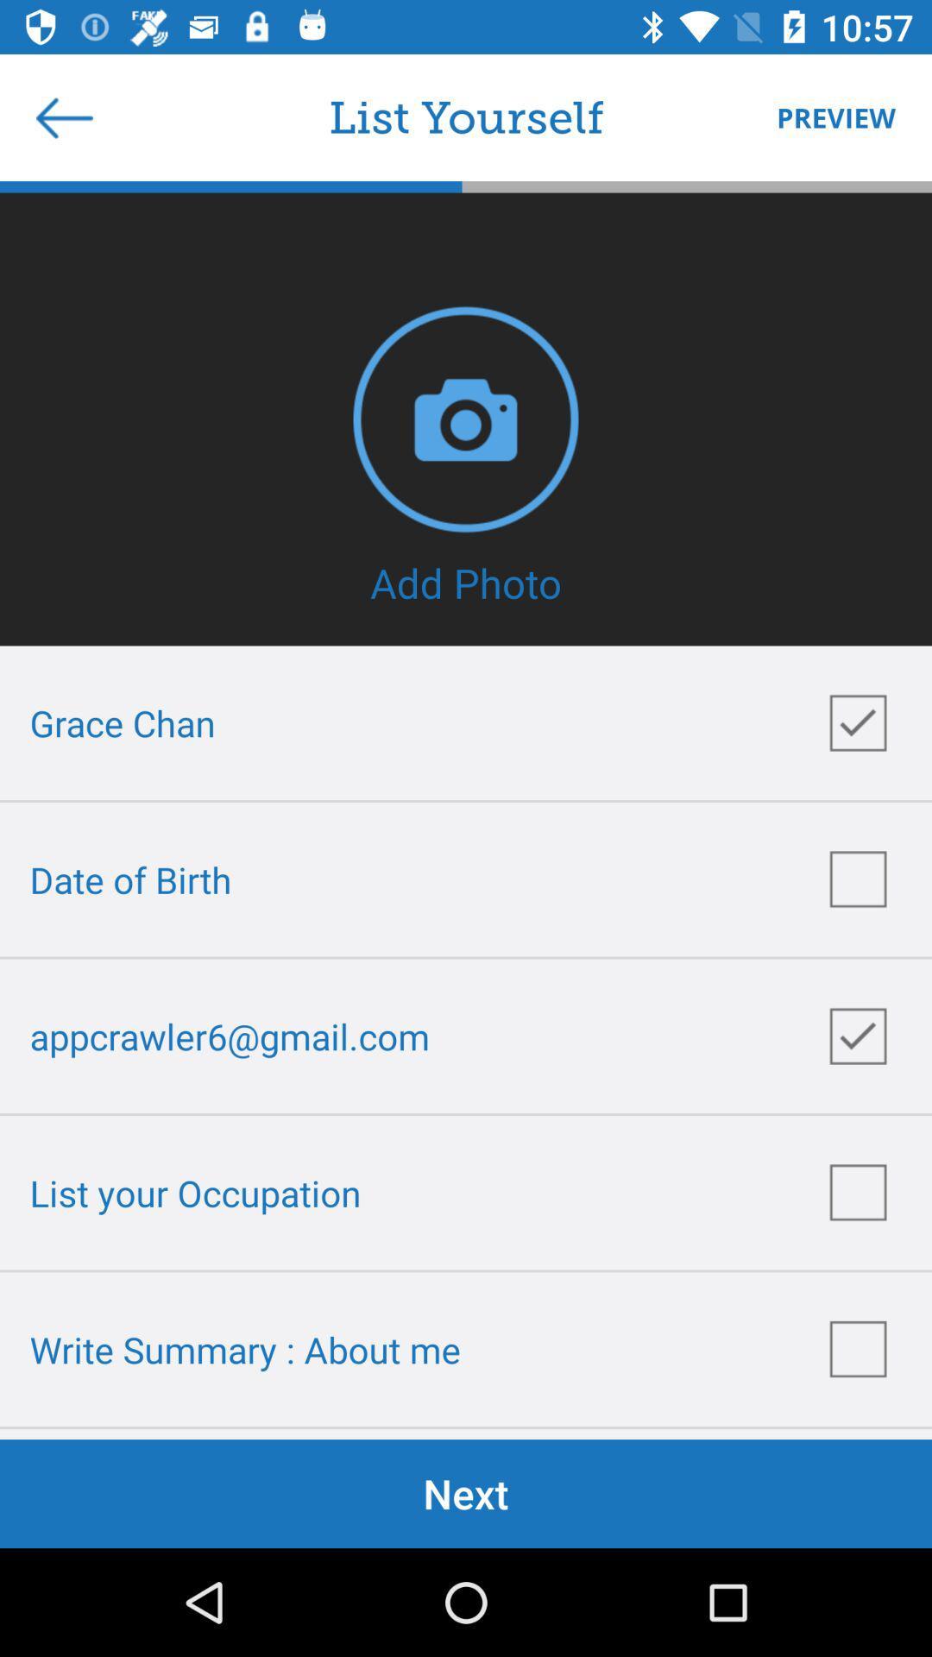 This screenshot has width=932, height=1657. I want to click on camera to add photo, so click(466, 419).